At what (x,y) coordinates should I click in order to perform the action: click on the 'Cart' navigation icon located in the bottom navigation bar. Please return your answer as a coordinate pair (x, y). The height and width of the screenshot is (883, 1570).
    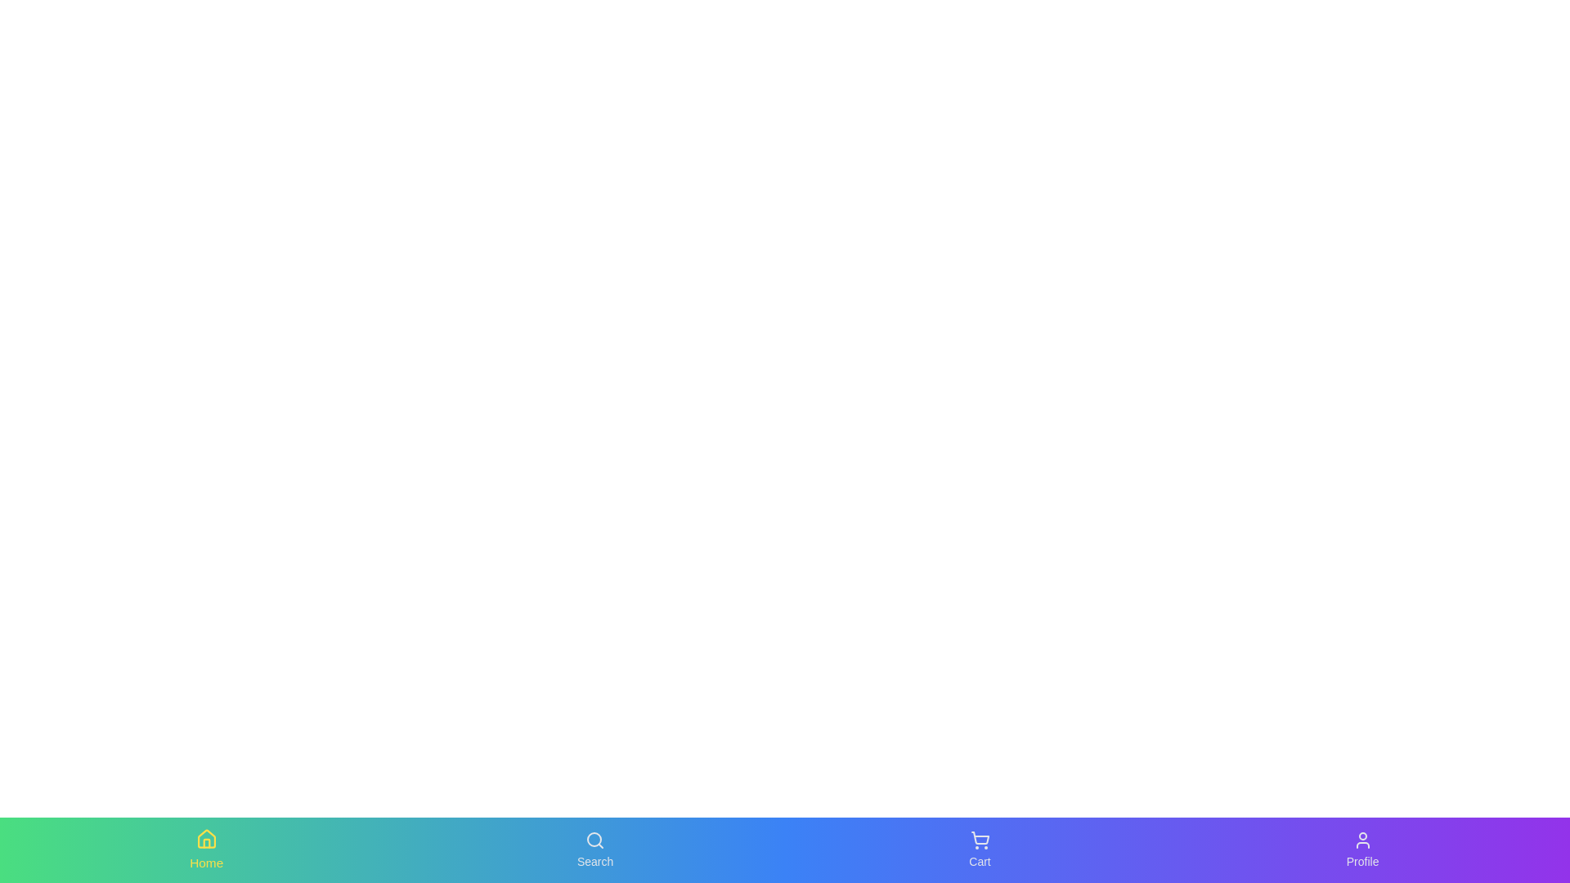
    Looking at the image, I should click on (980, 840).